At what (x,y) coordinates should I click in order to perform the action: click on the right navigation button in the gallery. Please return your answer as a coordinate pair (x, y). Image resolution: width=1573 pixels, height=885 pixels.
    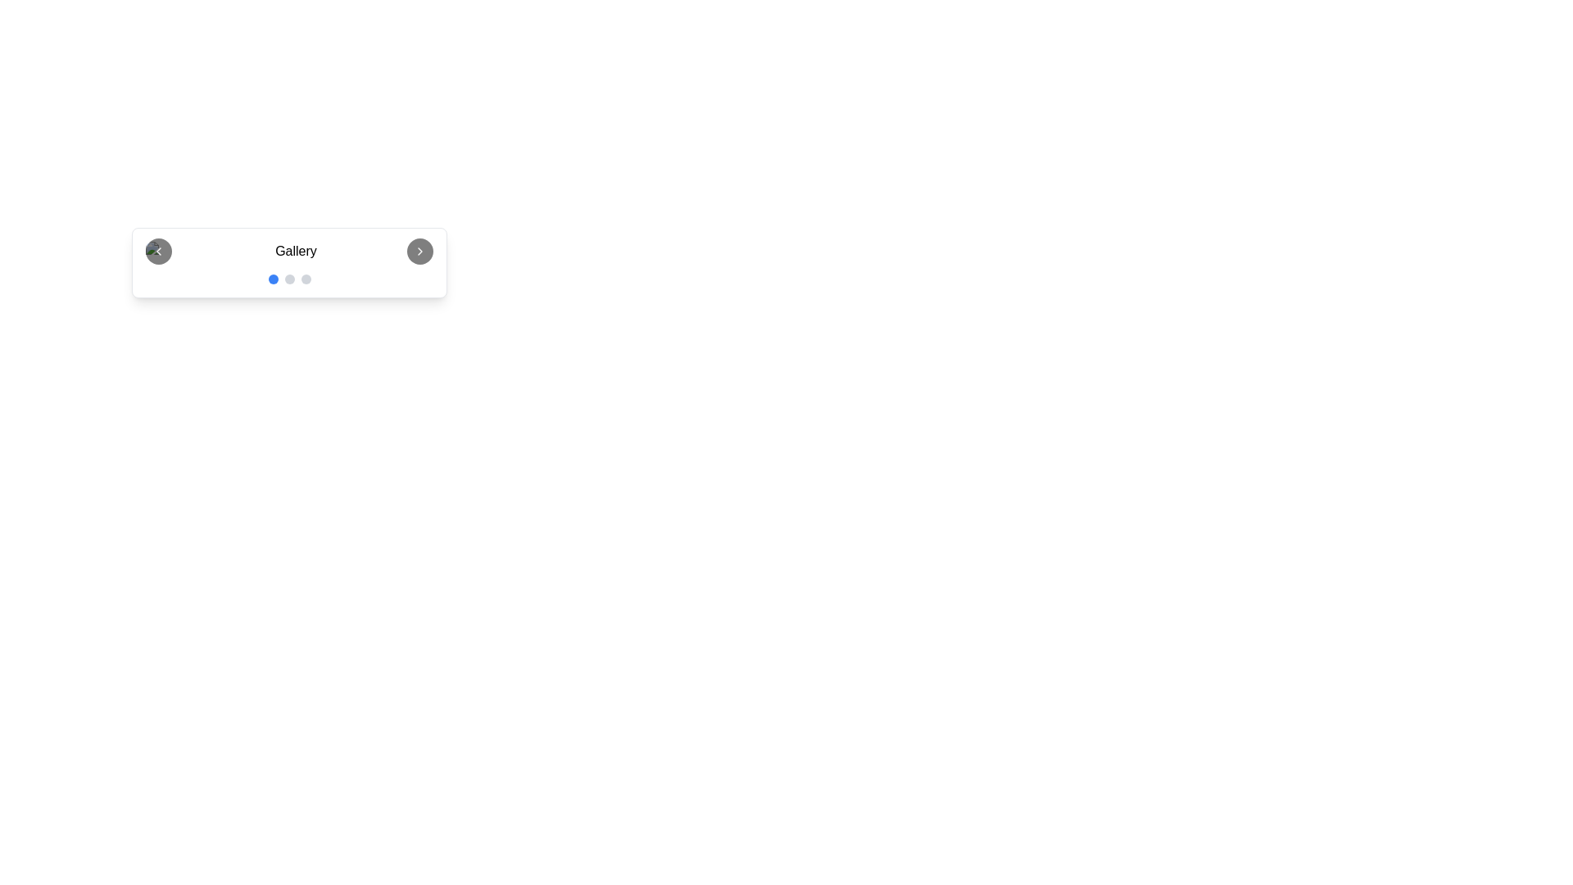
    Looking at the image, I should click on (420, 252).